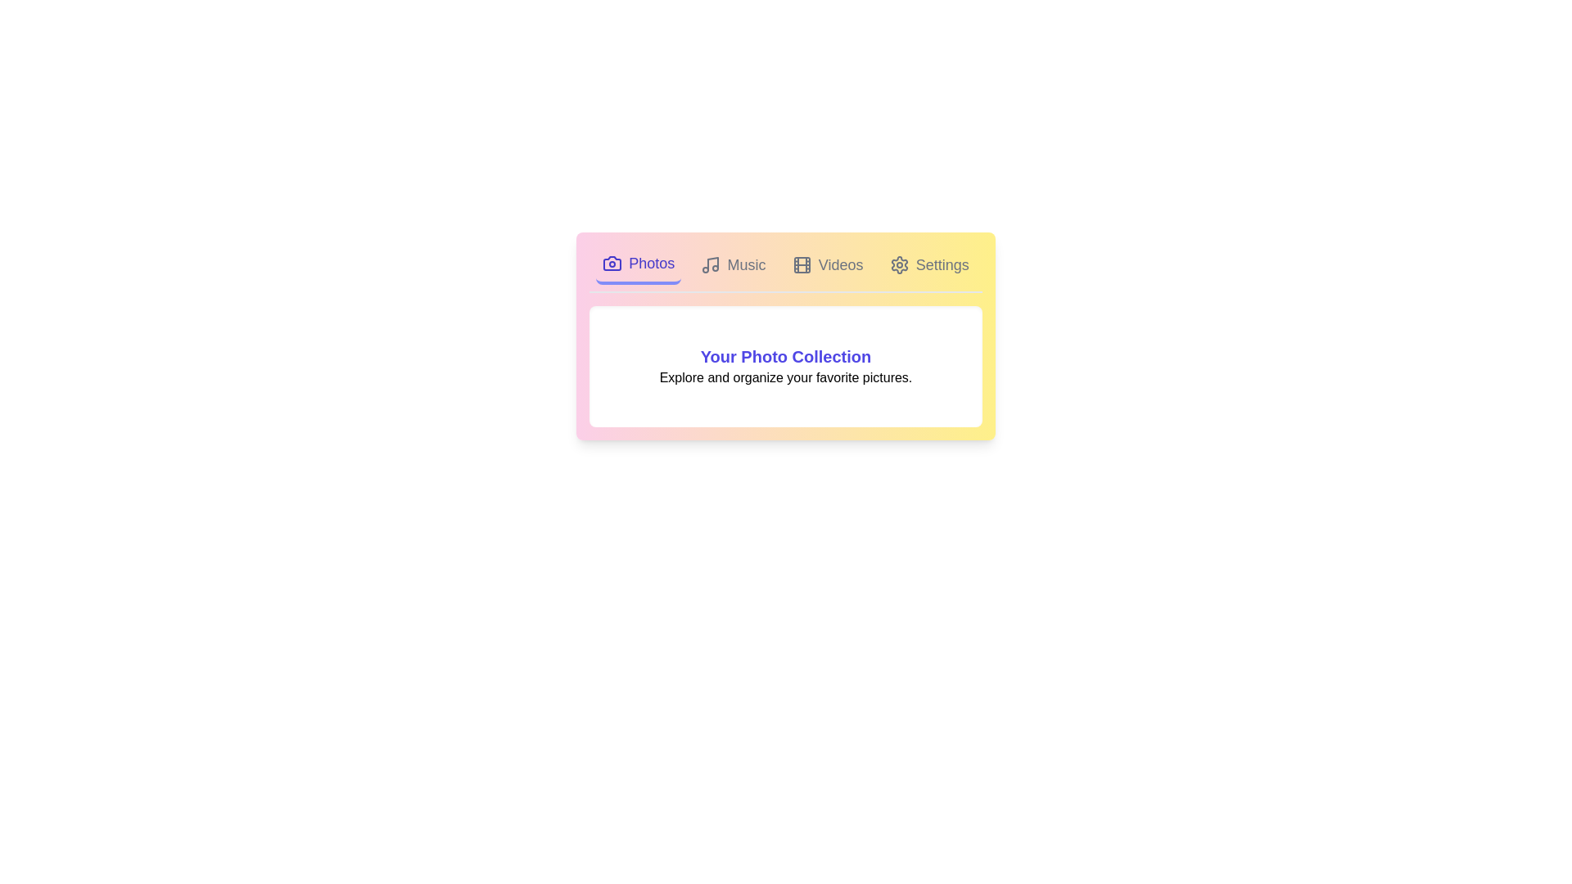 The image size is (1572, 884). I want to click on the tab labeled Music to activate its visual feedback, so click(733, 264).